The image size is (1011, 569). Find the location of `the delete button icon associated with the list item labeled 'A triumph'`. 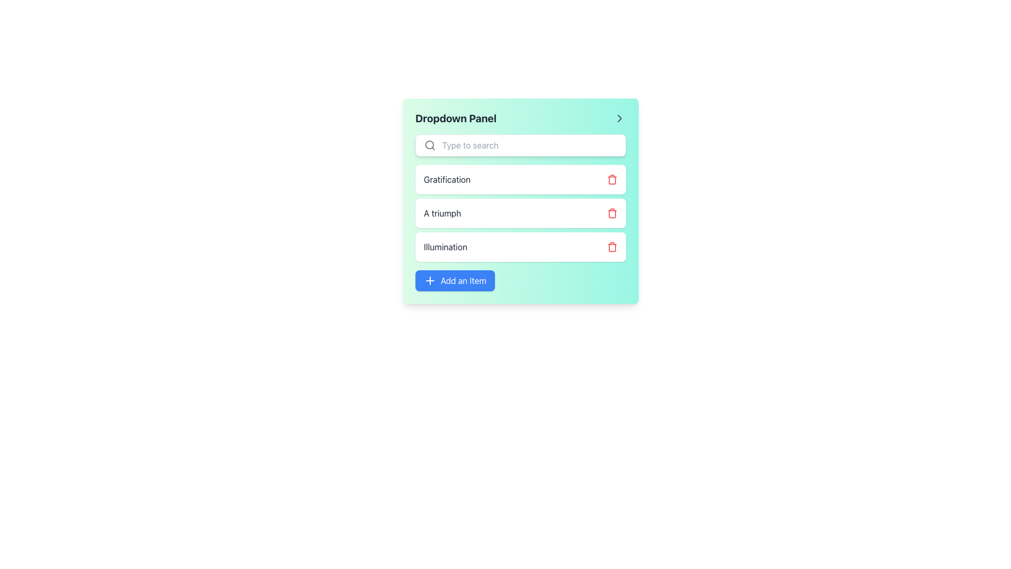

the delete button icon associated with the list item labeled 'A triumph' is located at coordinates (612, 213).